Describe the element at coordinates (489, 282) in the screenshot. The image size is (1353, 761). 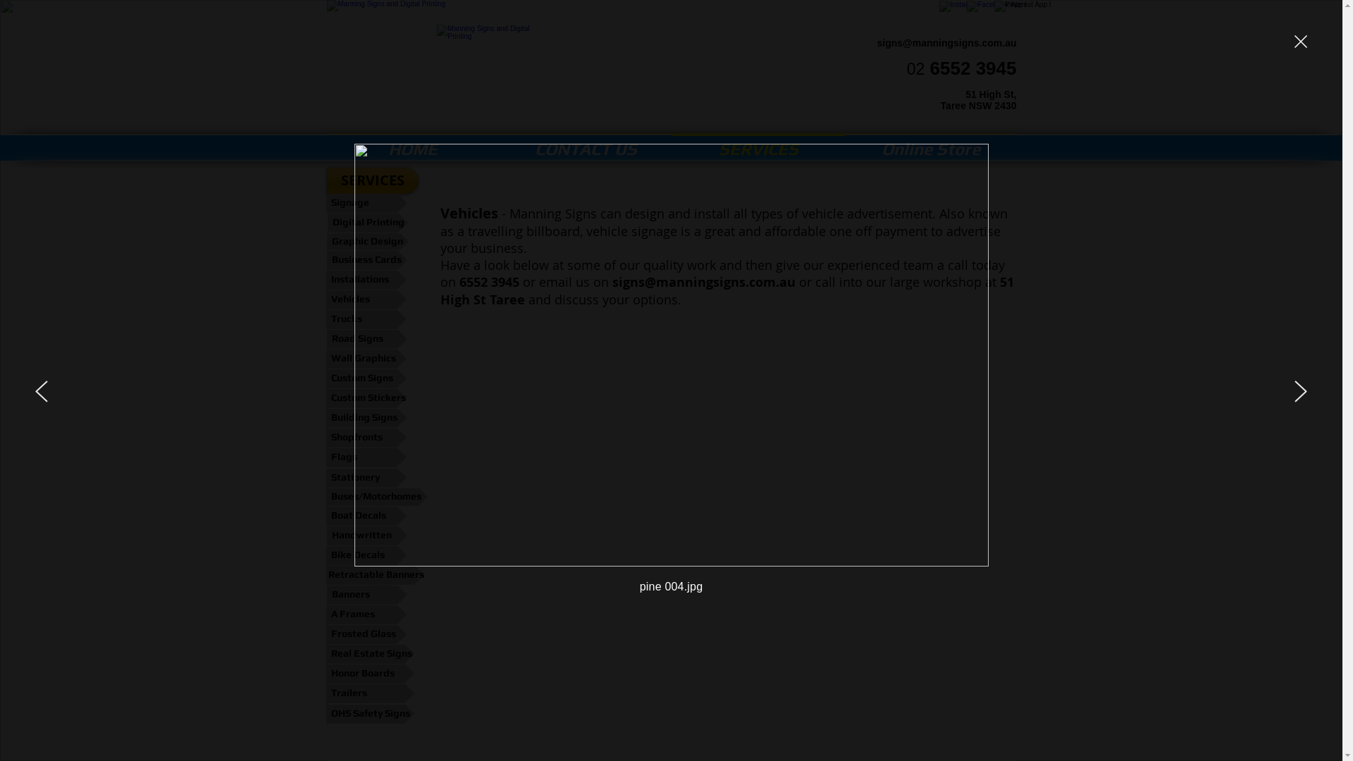
I see `'6552 3945'` at that location.